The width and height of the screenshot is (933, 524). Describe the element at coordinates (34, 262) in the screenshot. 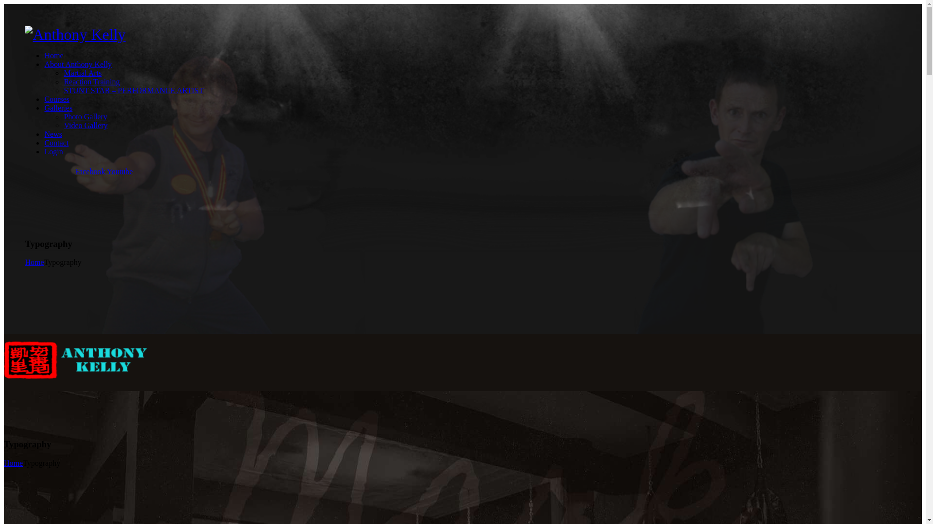

I see `'Home'` at that location.